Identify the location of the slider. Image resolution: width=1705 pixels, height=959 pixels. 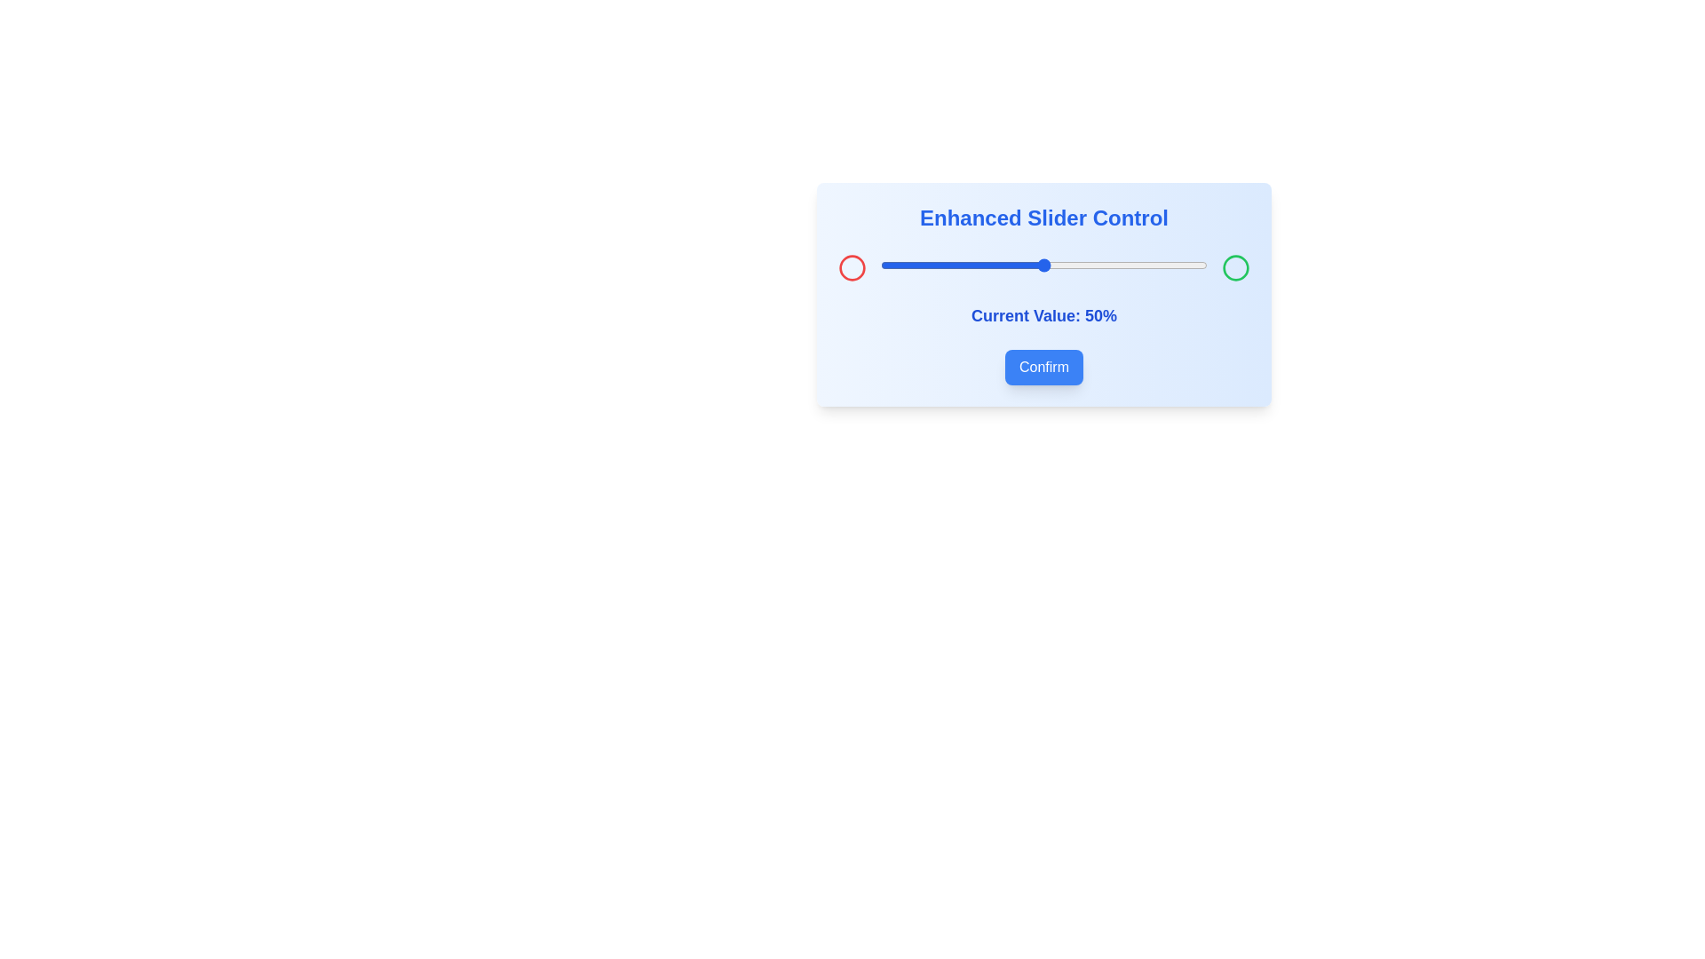
(916, 266).